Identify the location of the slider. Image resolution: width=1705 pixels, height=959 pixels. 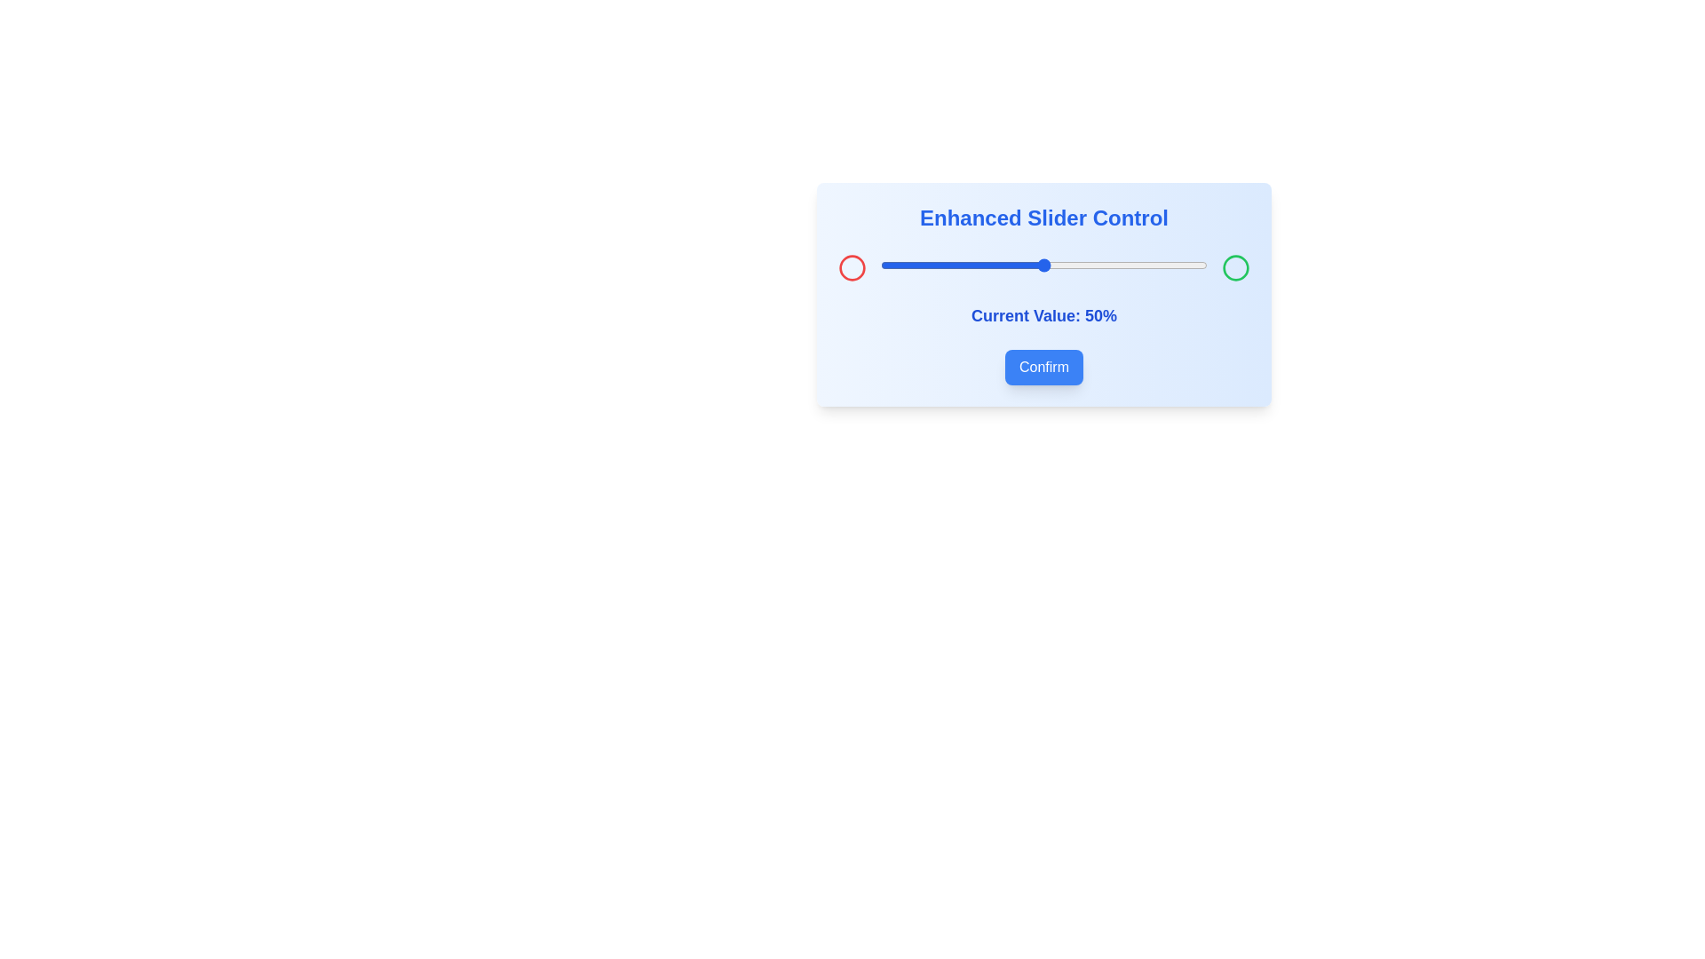
(916, 266).